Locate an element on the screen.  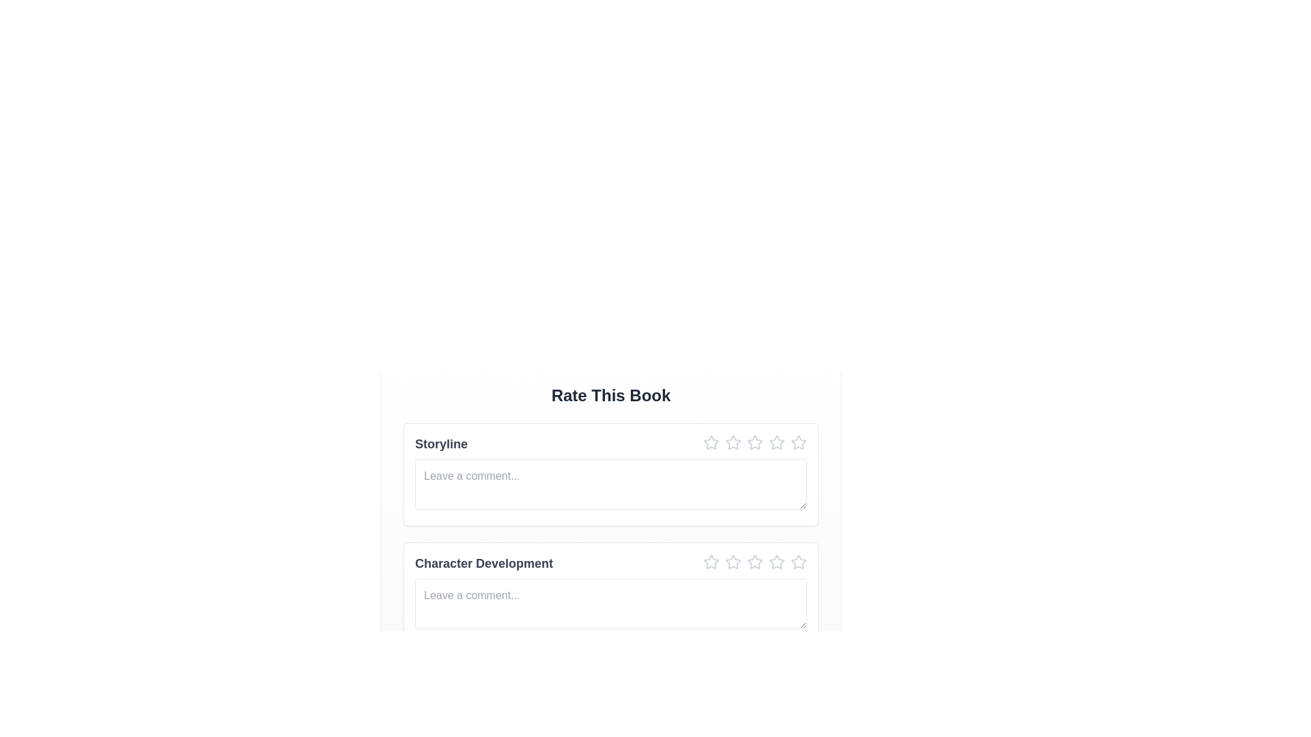
the fifth gray star icon in the horizontal series of rating icons under the 'Rate This Book' headline in the 'Storyline' section is located at coordinates (754, 442).